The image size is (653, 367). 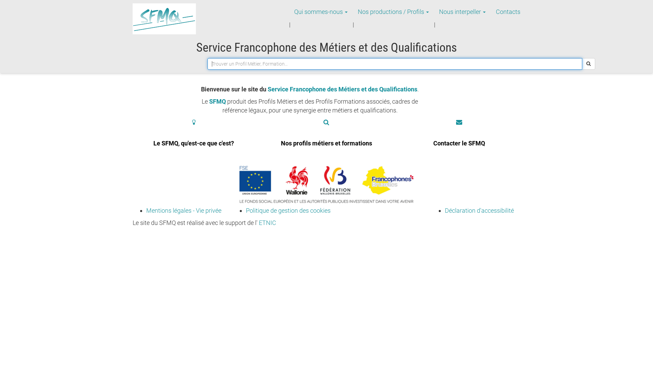 What do you see at coordinates (320, 12) in the screenshot?
I see `'Qui sommes-nous'` at bounding box center [320, 12].